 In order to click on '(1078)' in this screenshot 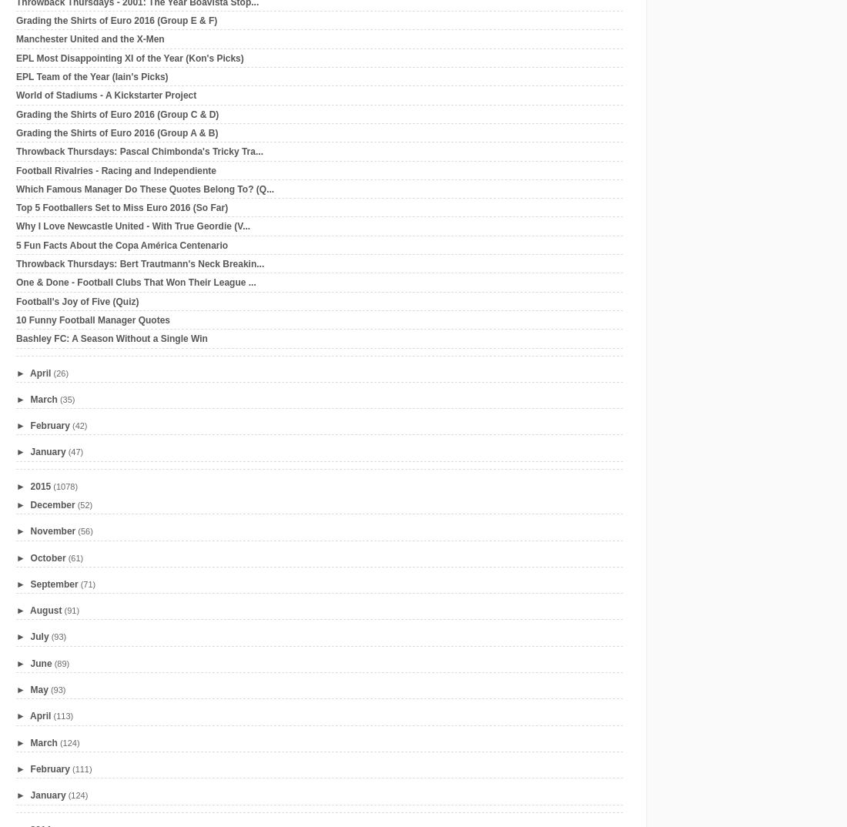, I will do `click(52, 485)`.